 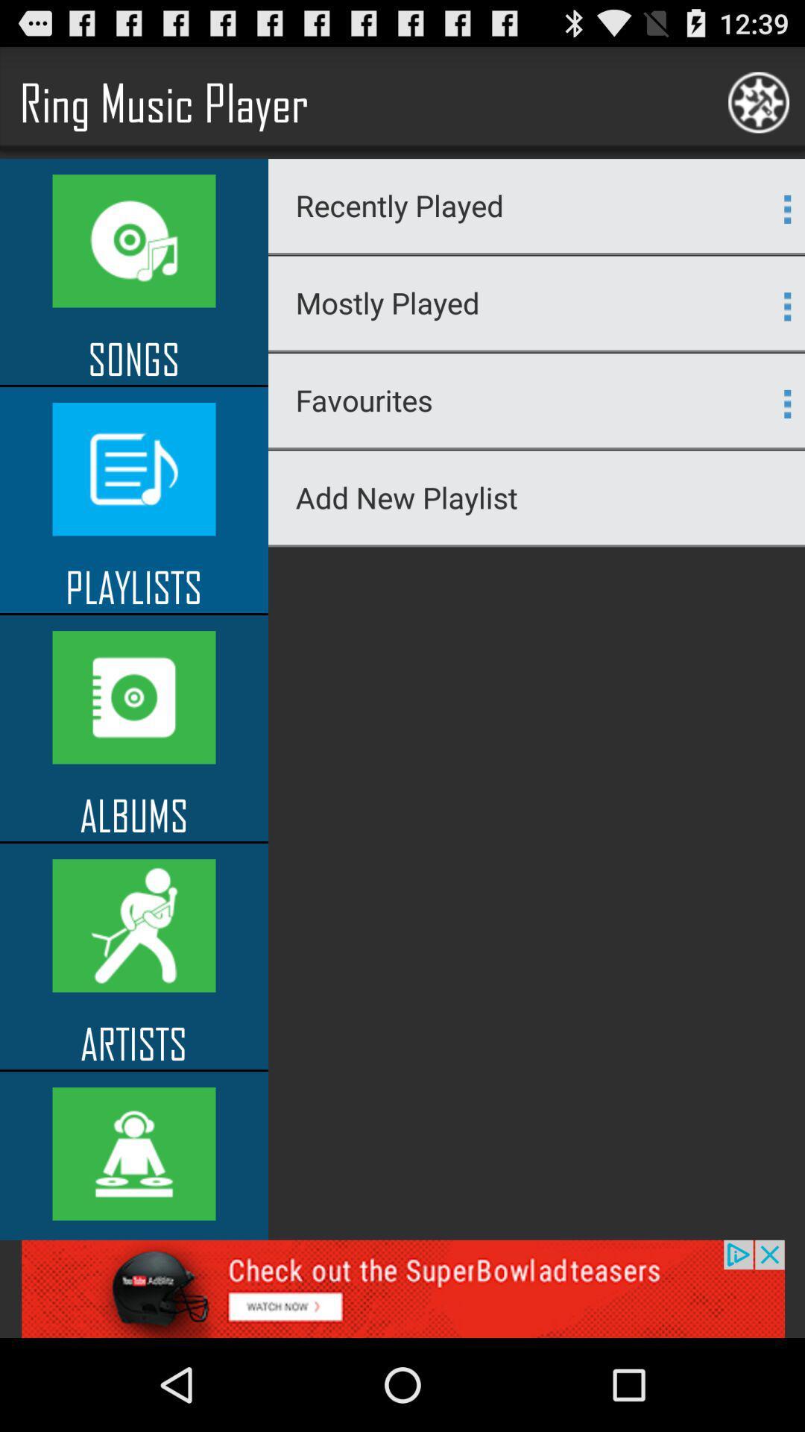 What do you see at coordinates (134, 1153) in the screenshot?
I see `image under artists` at bounding box center [134, 1153].